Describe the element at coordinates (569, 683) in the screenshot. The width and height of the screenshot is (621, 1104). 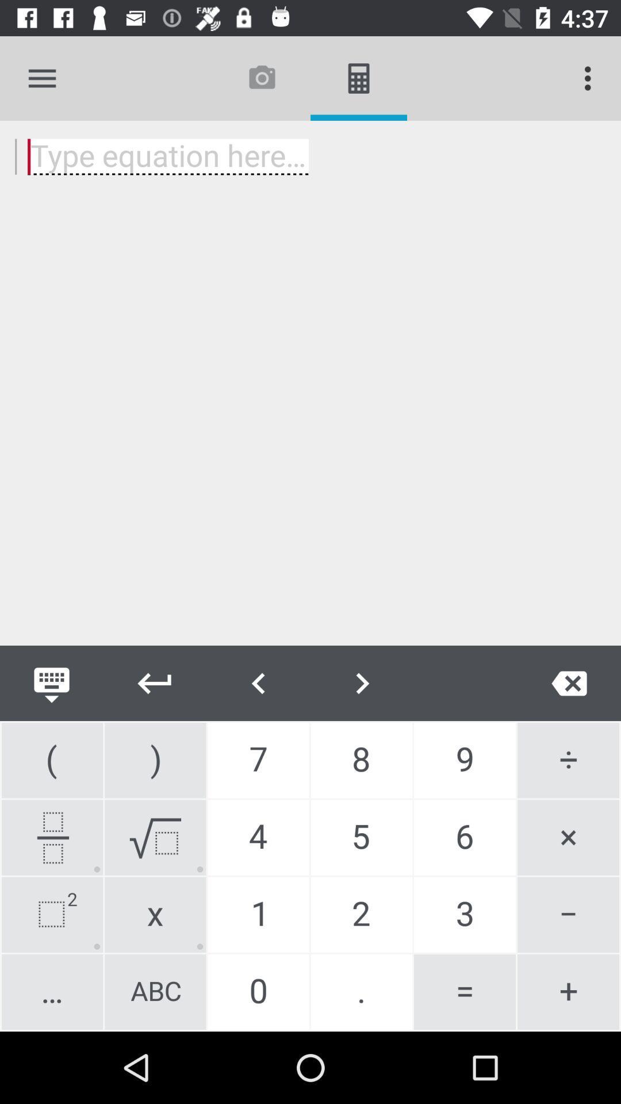
I see `backspace` at that location.